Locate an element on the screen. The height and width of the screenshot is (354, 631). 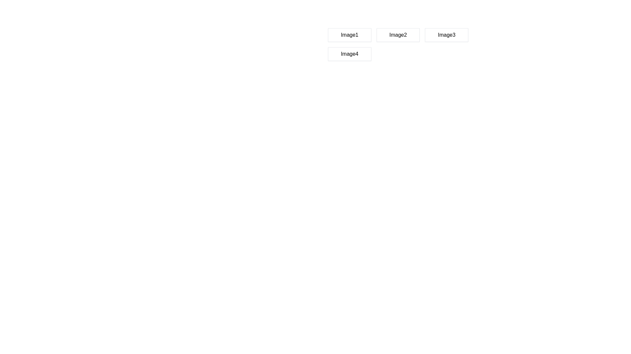
the rectangular button labeled 'Image4' with a light gray border and shadow, located is located at coordinates (349, 54).